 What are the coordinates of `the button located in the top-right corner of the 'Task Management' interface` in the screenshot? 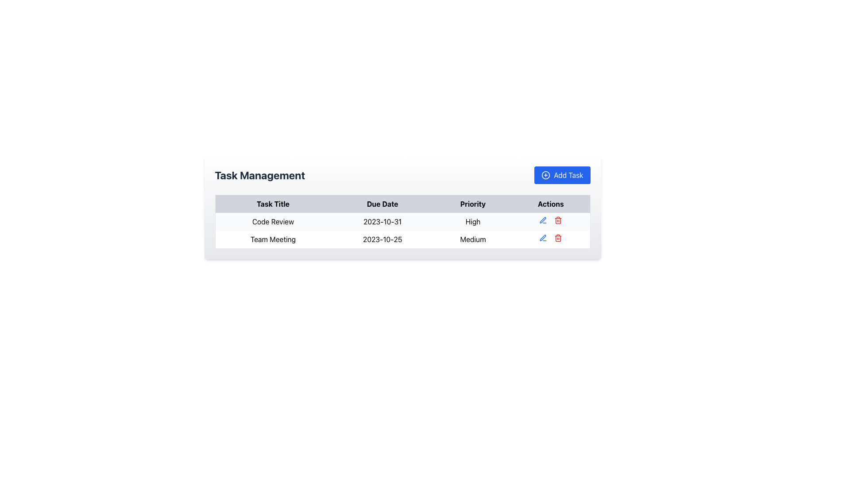 It's located at (562, 175).